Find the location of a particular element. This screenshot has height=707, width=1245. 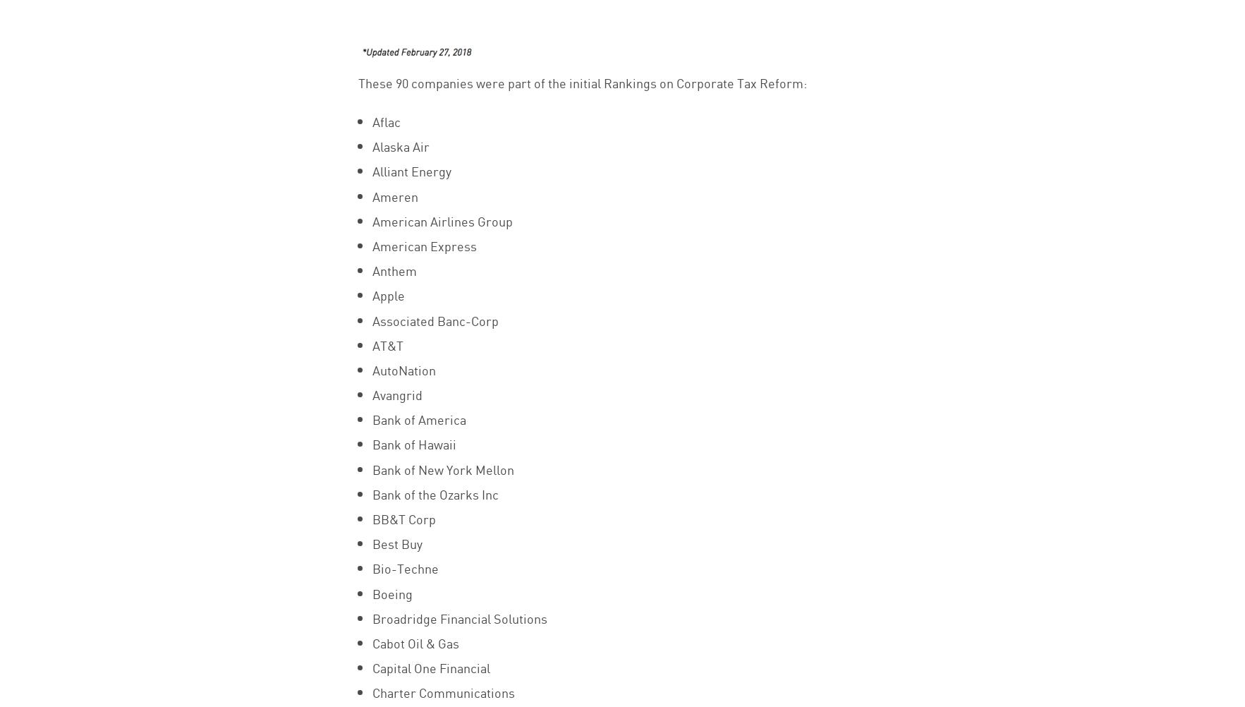

'AutoNation' is located at coordinates (371, 369).